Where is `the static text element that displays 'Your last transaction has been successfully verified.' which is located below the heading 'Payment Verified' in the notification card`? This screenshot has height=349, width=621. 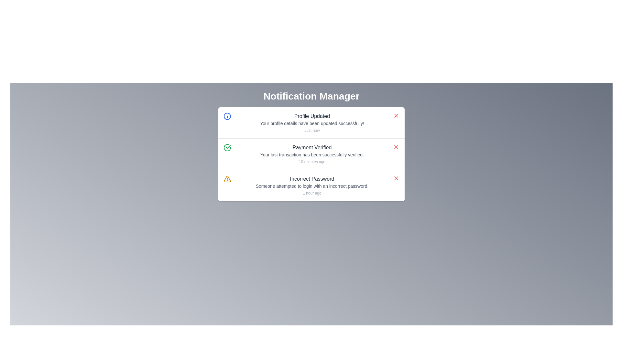
the static text element that displays 'Your last transaction has been successfully verified.' which is located below the heading 'Payment Verified' in the notification card is located at coordinates (312, 154).